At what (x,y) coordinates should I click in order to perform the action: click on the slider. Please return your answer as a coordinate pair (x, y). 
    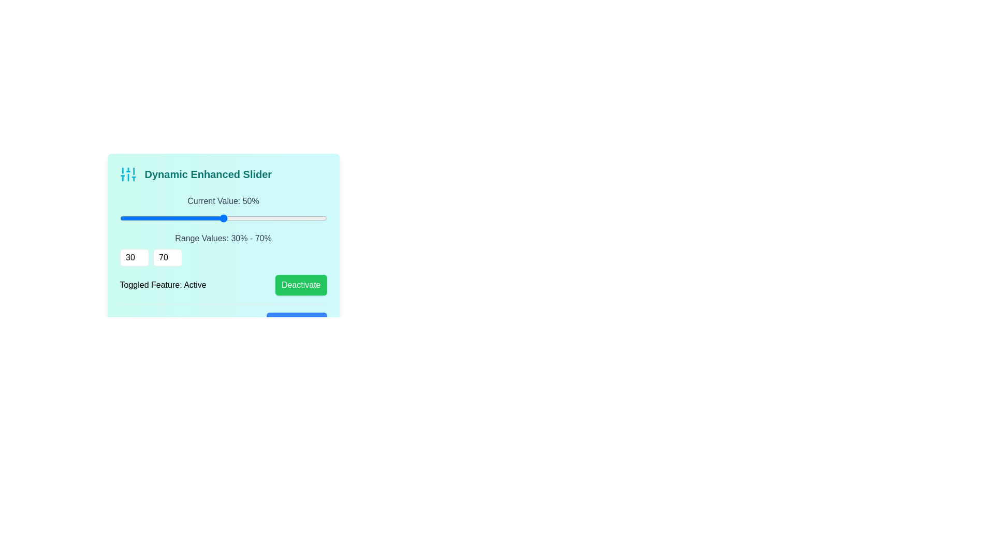
    Looking at the image, I should click on (238, 217).